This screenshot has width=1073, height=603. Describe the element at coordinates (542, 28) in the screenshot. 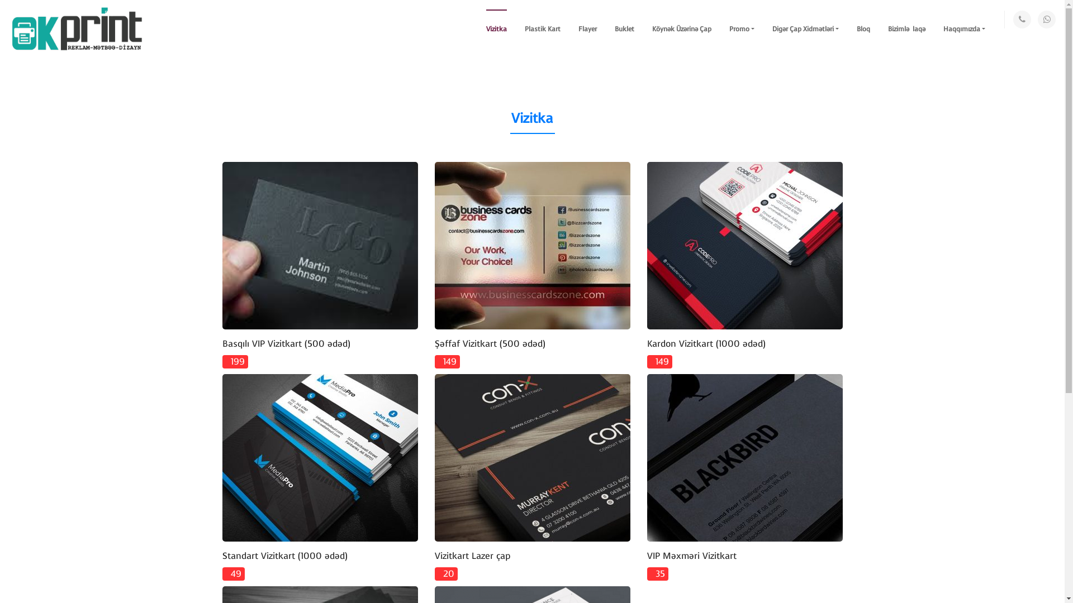

I see `'Plastik Kart'` at that location.